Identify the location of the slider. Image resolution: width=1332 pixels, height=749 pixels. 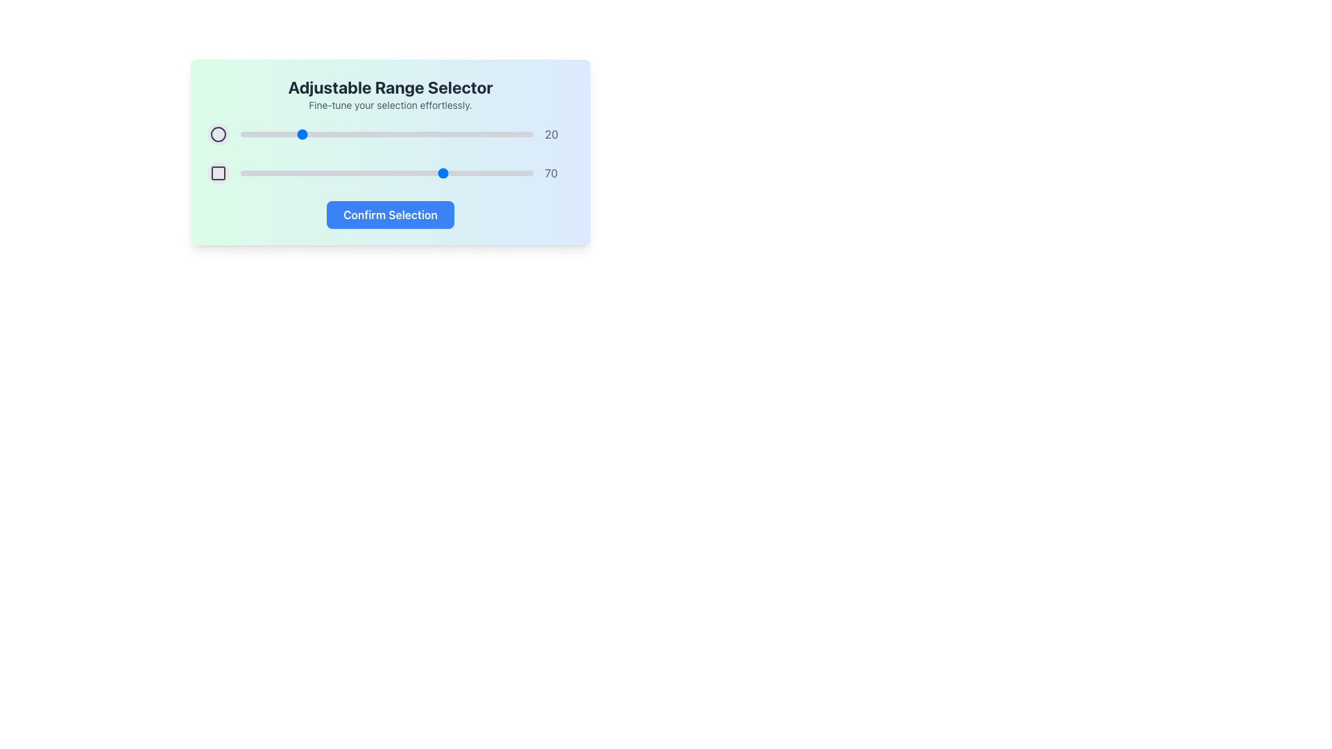
(255, 173).